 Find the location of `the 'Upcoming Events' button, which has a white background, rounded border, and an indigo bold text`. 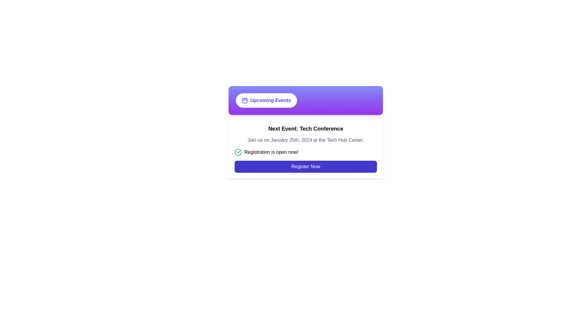

the 'Upcoming Events' button, which has a white background, rounded border, and an indigo bold text is located at coordinates (266, 100).